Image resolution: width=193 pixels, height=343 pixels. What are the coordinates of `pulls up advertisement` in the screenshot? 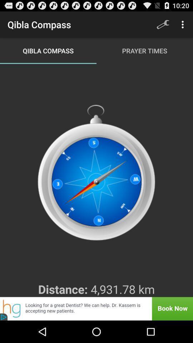 It's located at (96, 308).